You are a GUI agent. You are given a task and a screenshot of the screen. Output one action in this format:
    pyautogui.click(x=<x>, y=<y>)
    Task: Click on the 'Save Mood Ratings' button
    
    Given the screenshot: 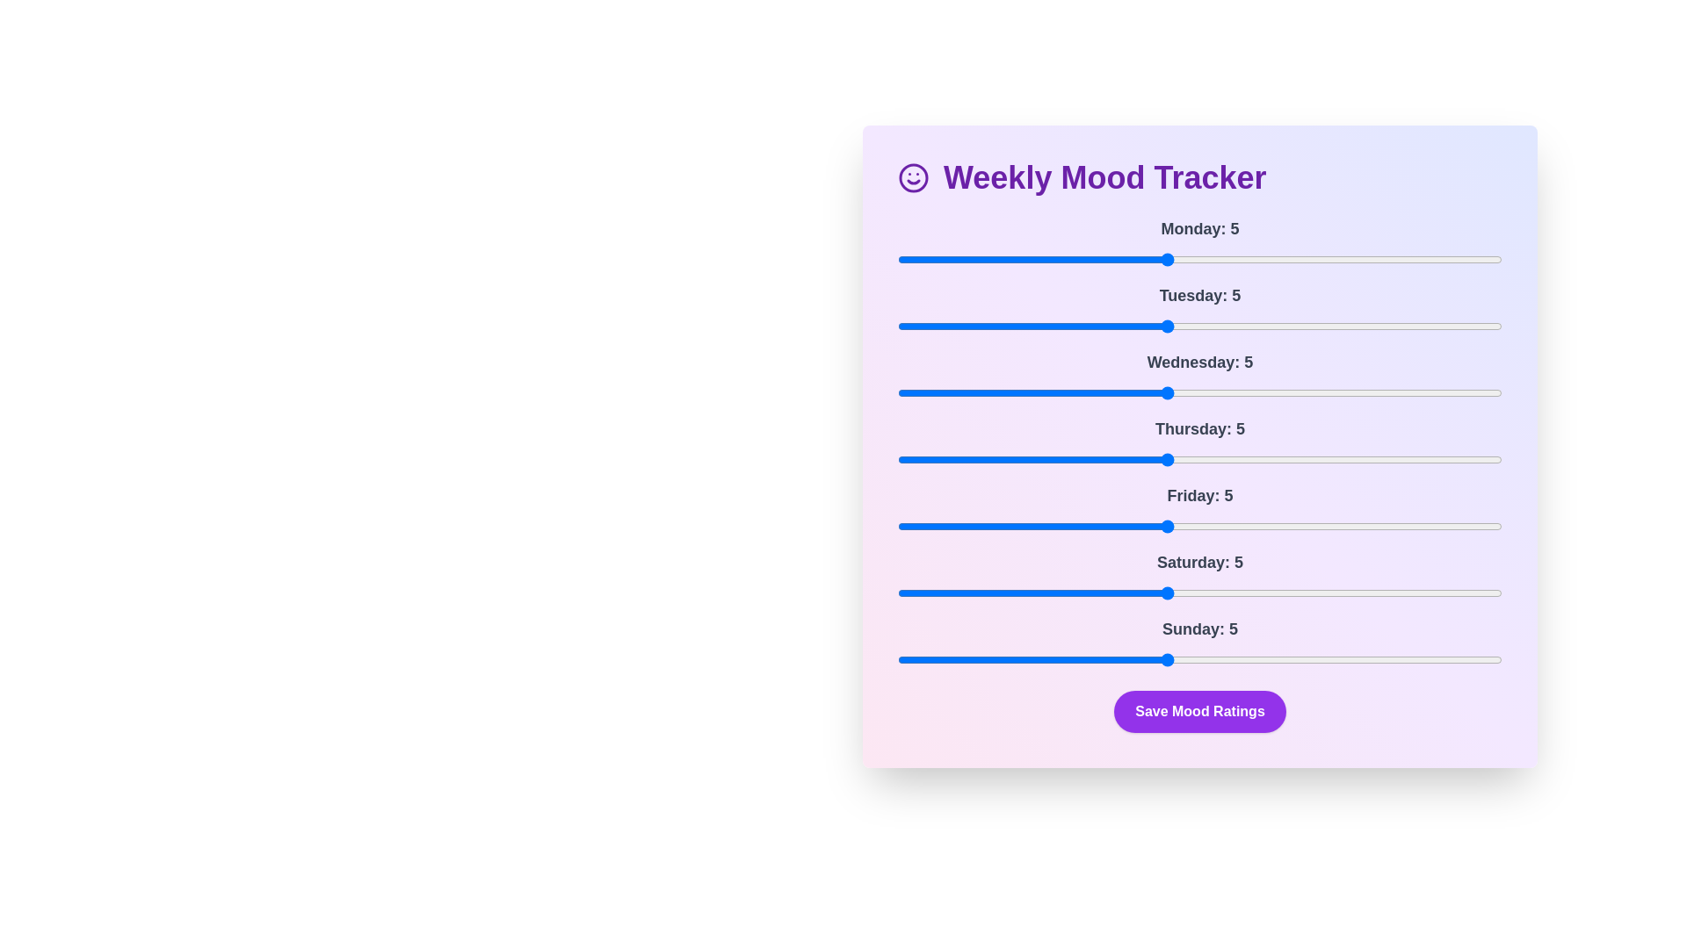 What is the action you would take?
    pyautogui.click(x=1199, y=711)
    